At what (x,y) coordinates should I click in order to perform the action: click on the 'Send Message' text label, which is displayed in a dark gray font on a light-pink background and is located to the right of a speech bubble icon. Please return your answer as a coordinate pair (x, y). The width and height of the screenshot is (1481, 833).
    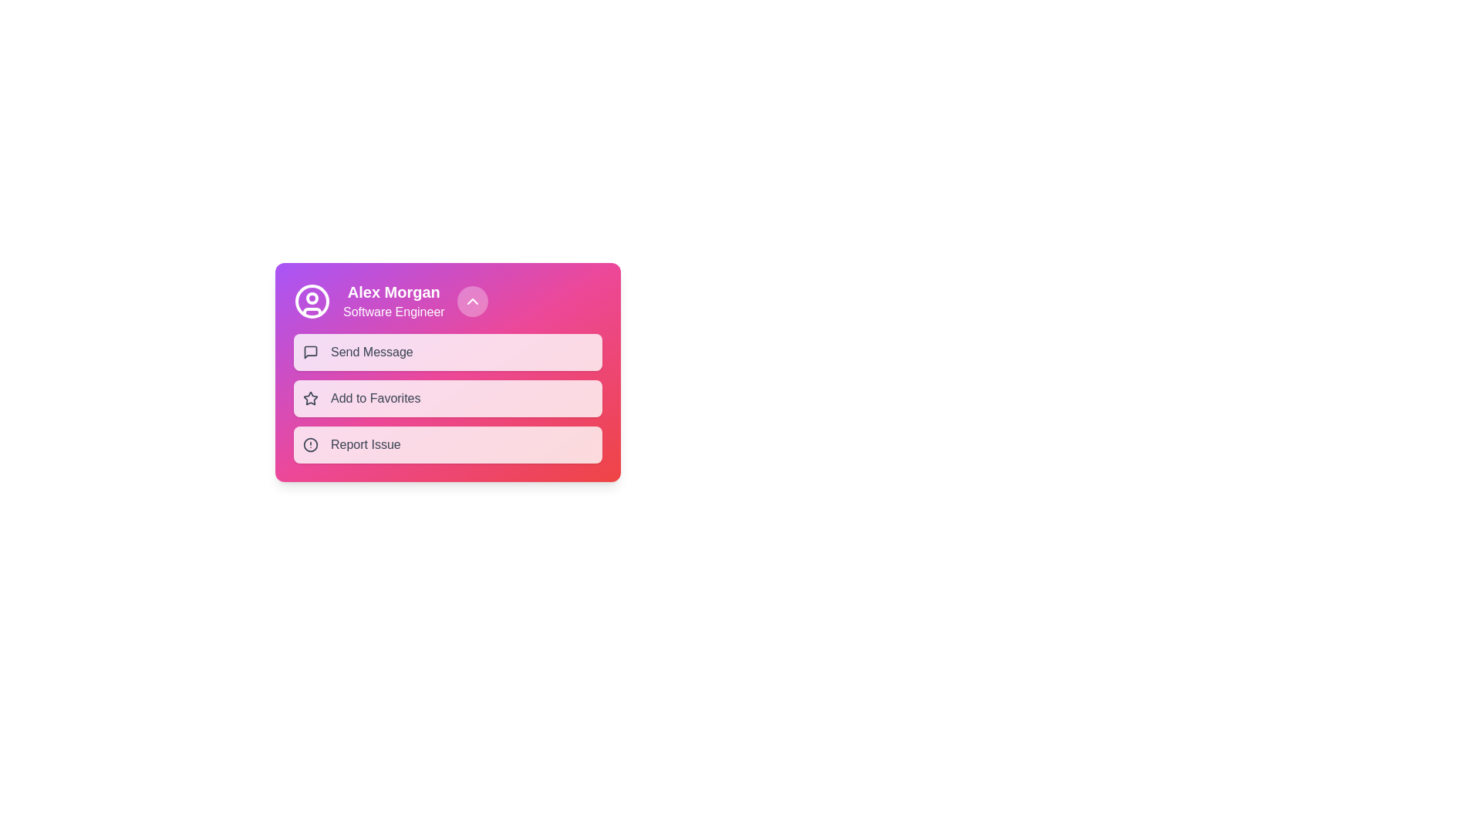
    Looking at the image, I should click on (372, 352).